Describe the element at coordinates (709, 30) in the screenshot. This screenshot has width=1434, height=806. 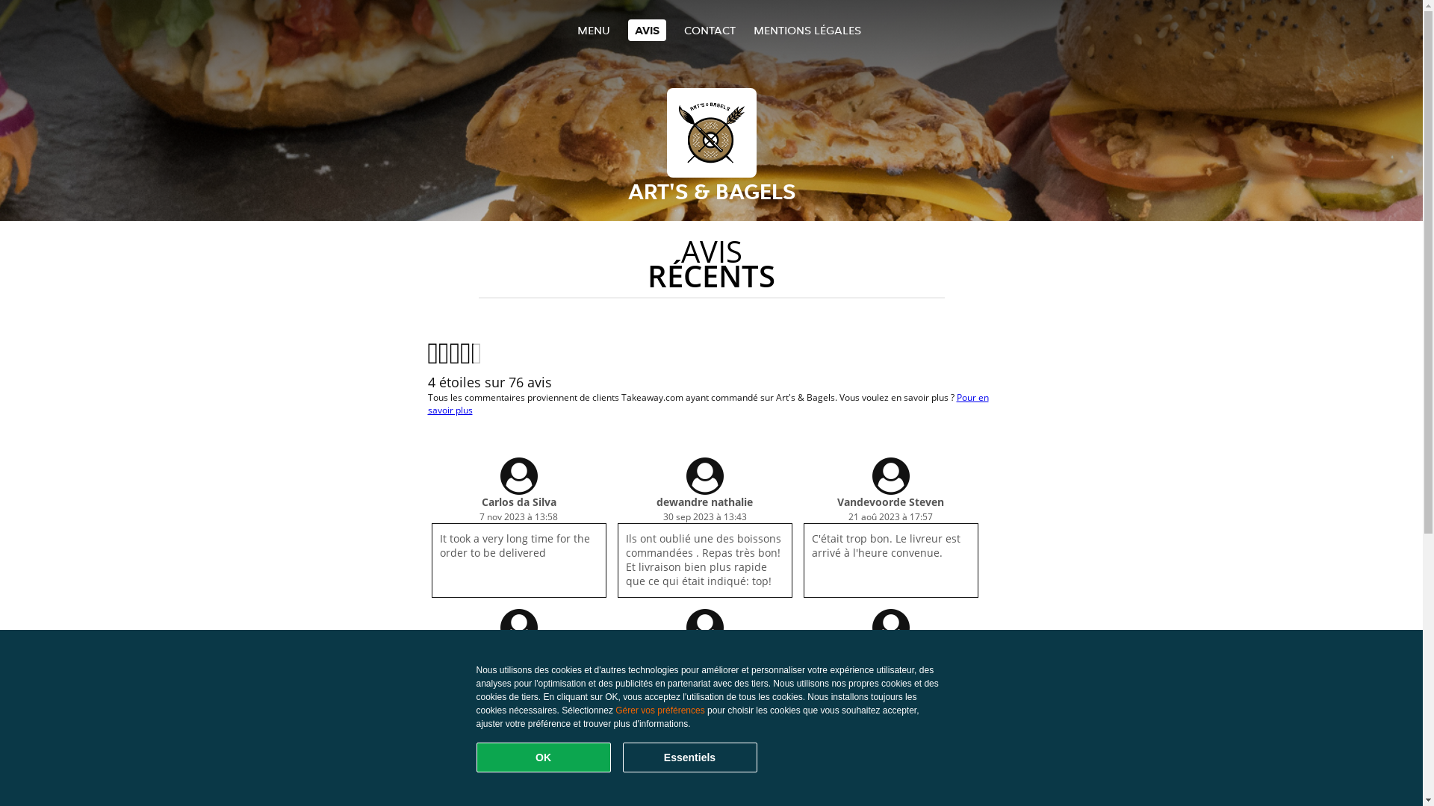
I see `'CONTACT'` at that location.